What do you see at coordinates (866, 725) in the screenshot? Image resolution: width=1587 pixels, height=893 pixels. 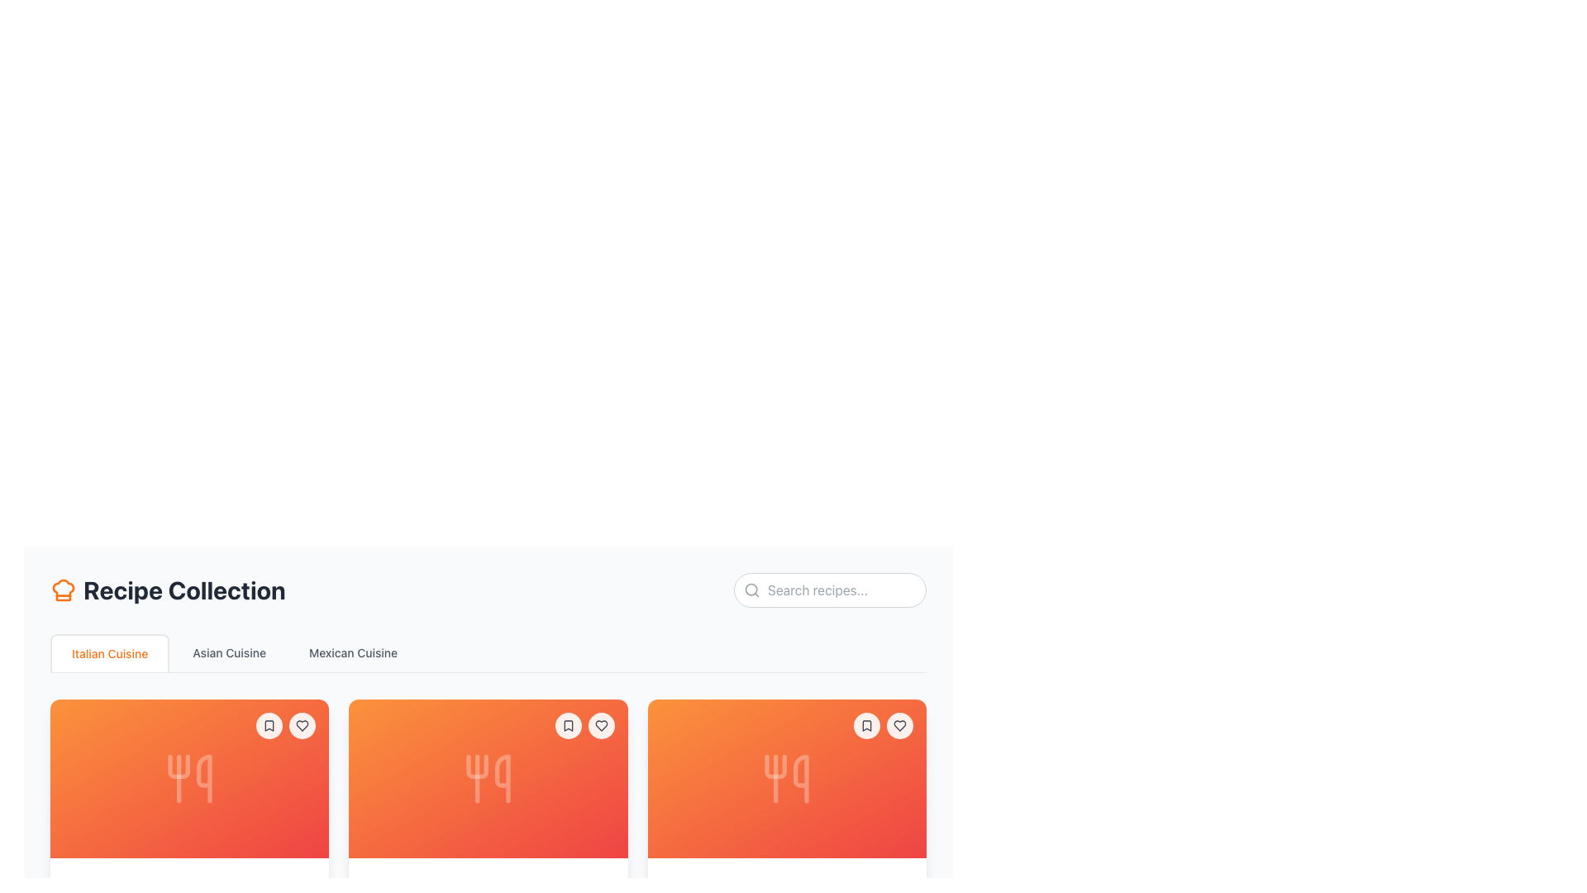 I see `the bookmark icon located at the top-right corner of the third card in the horizontally aligned list to bookmark the content` at bounding box center [866, 725].